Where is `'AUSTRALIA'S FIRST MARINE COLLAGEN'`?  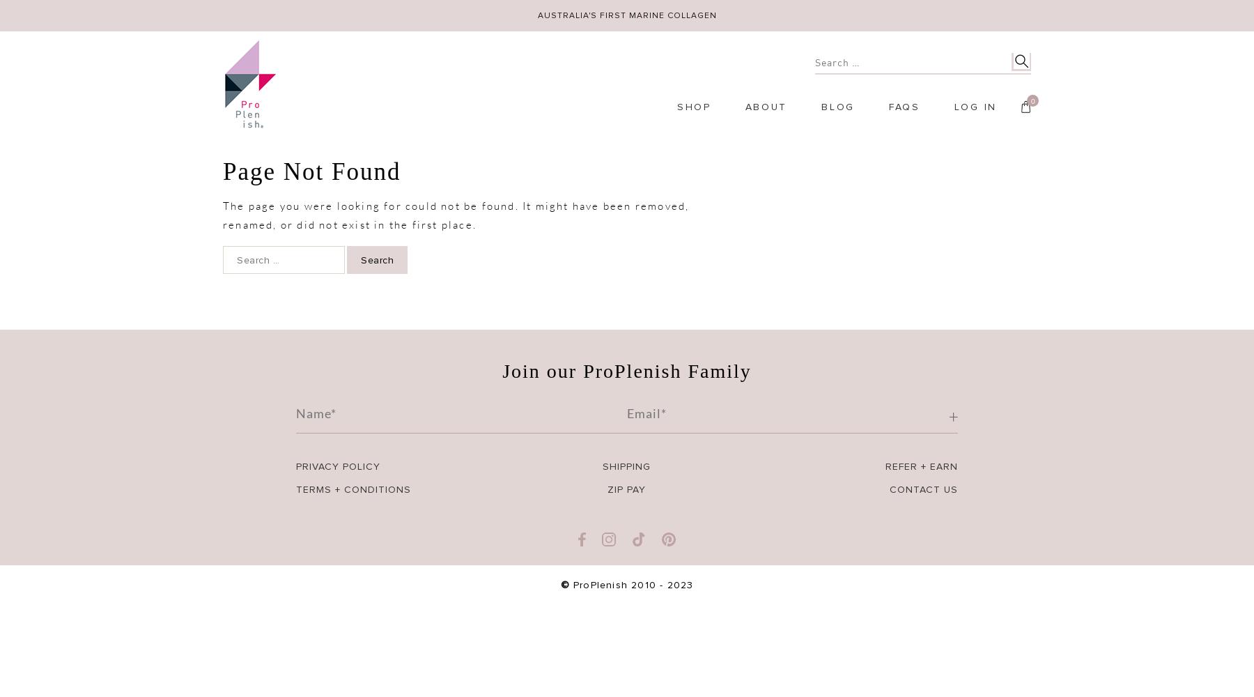 'AUSTRALIA'S FIRST MARINE COLLAGEN' is located at coordinates (626, 16).